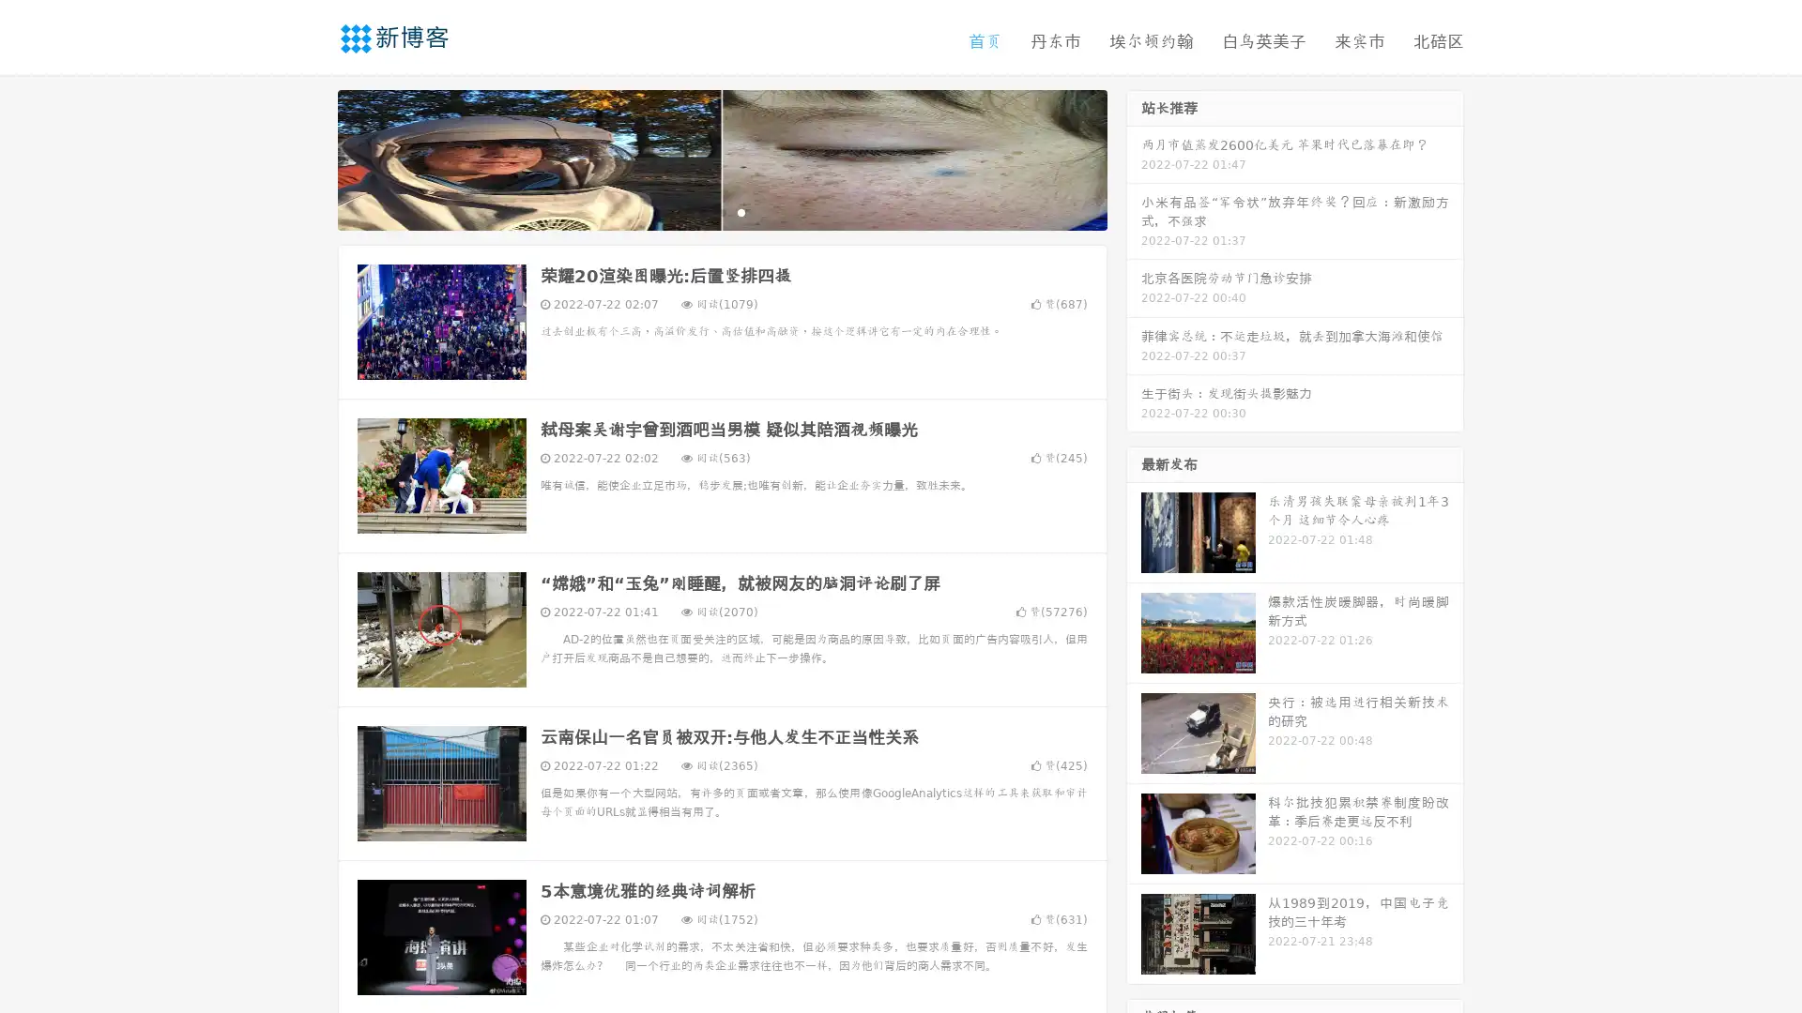  Describe the element at coordinates (741, 211) in the screenshot. I see `Go to slide 3` at that location.